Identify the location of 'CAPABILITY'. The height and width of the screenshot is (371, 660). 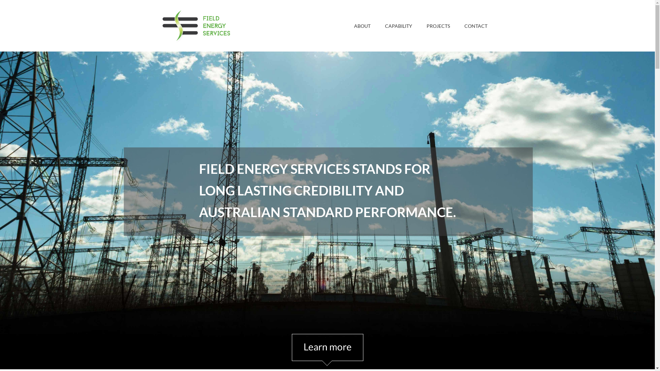
(379, 25).